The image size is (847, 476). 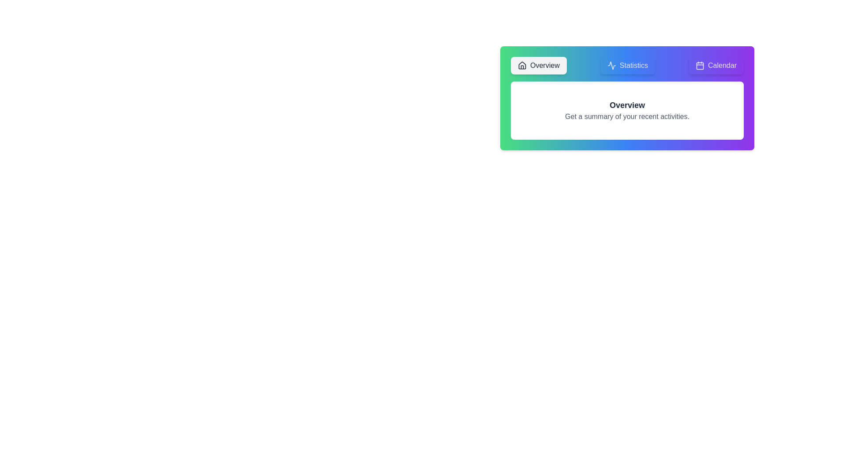 I want to click on the Overview tab by clicking on its label or icon, so click(x=538, y=65).